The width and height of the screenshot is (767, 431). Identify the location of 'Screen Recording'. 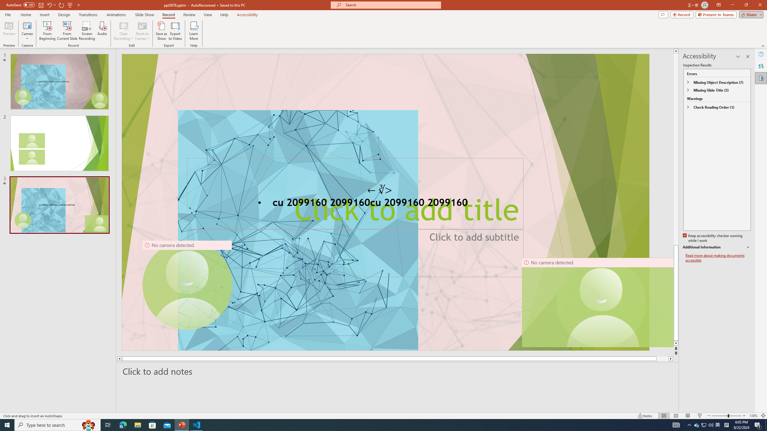
(87, 31).